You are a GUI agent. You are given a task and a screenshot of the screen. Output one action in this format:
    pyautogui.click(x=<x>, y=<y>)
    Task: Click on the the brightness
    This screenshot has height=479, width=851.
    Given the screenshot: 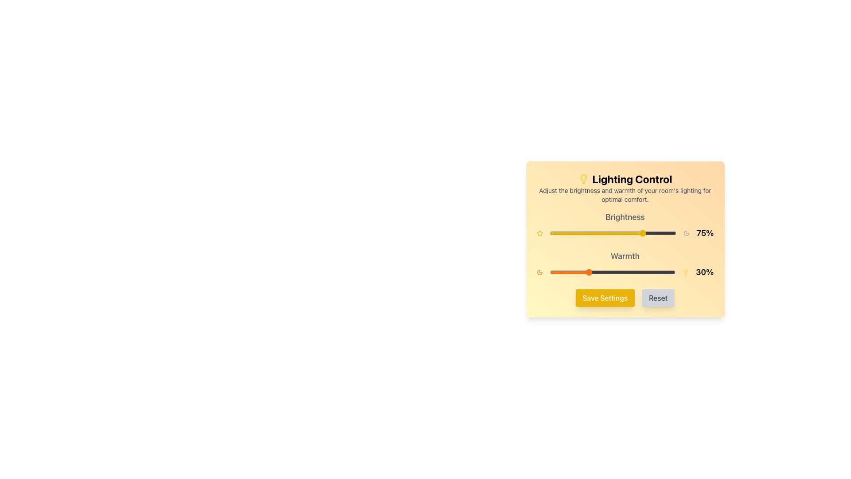 What is the action you would take?
    pyautogui.click(x=574, y=232)
    